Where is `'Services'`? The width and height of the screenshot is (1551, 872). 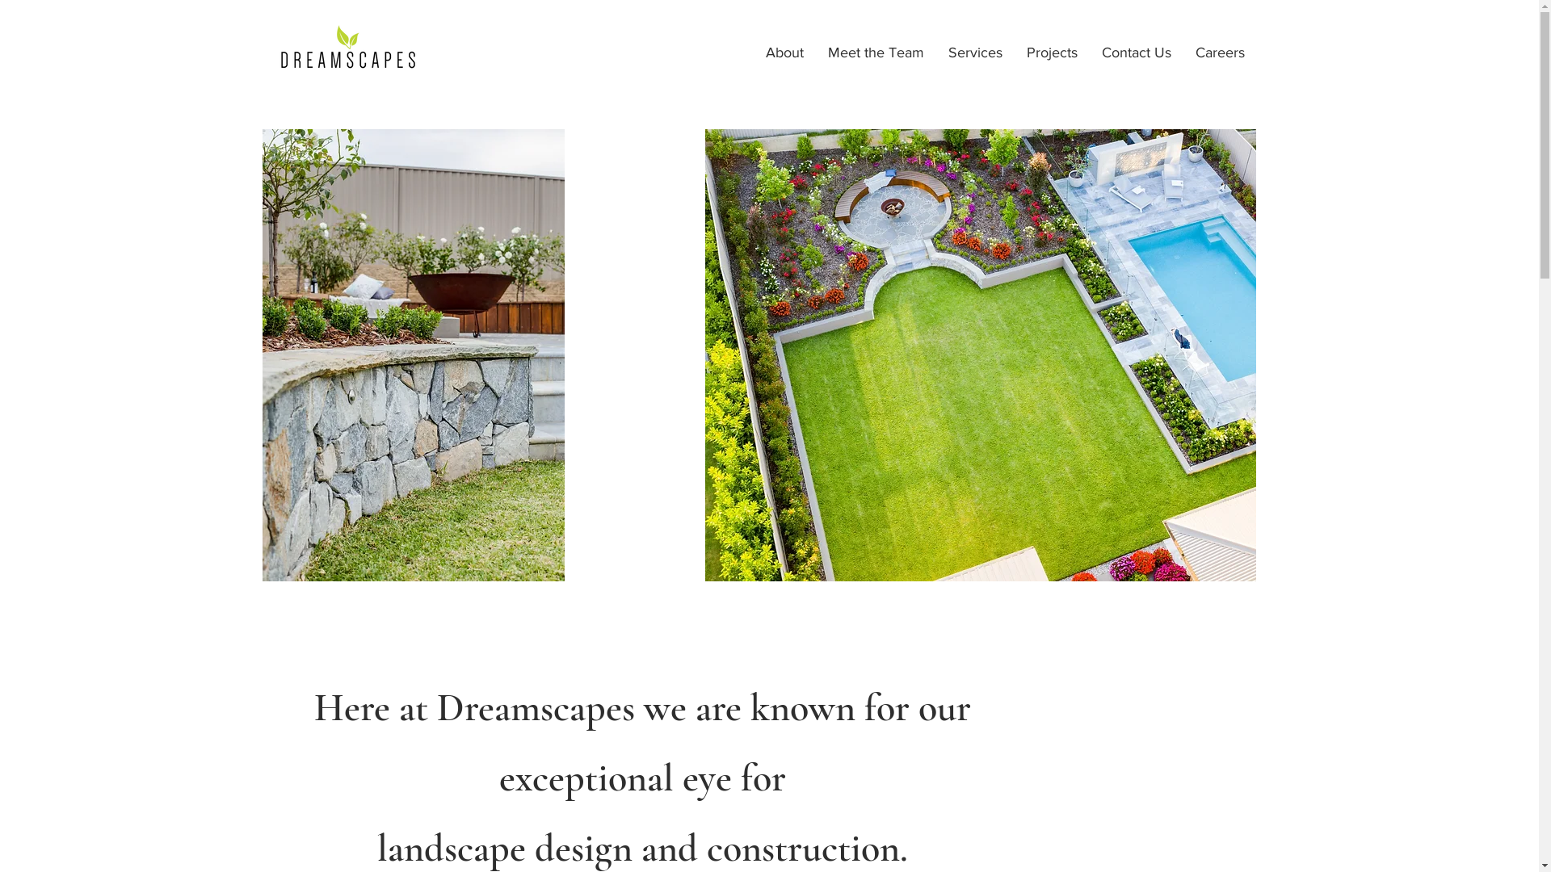 'Services' is located at coordinates (973, 52).